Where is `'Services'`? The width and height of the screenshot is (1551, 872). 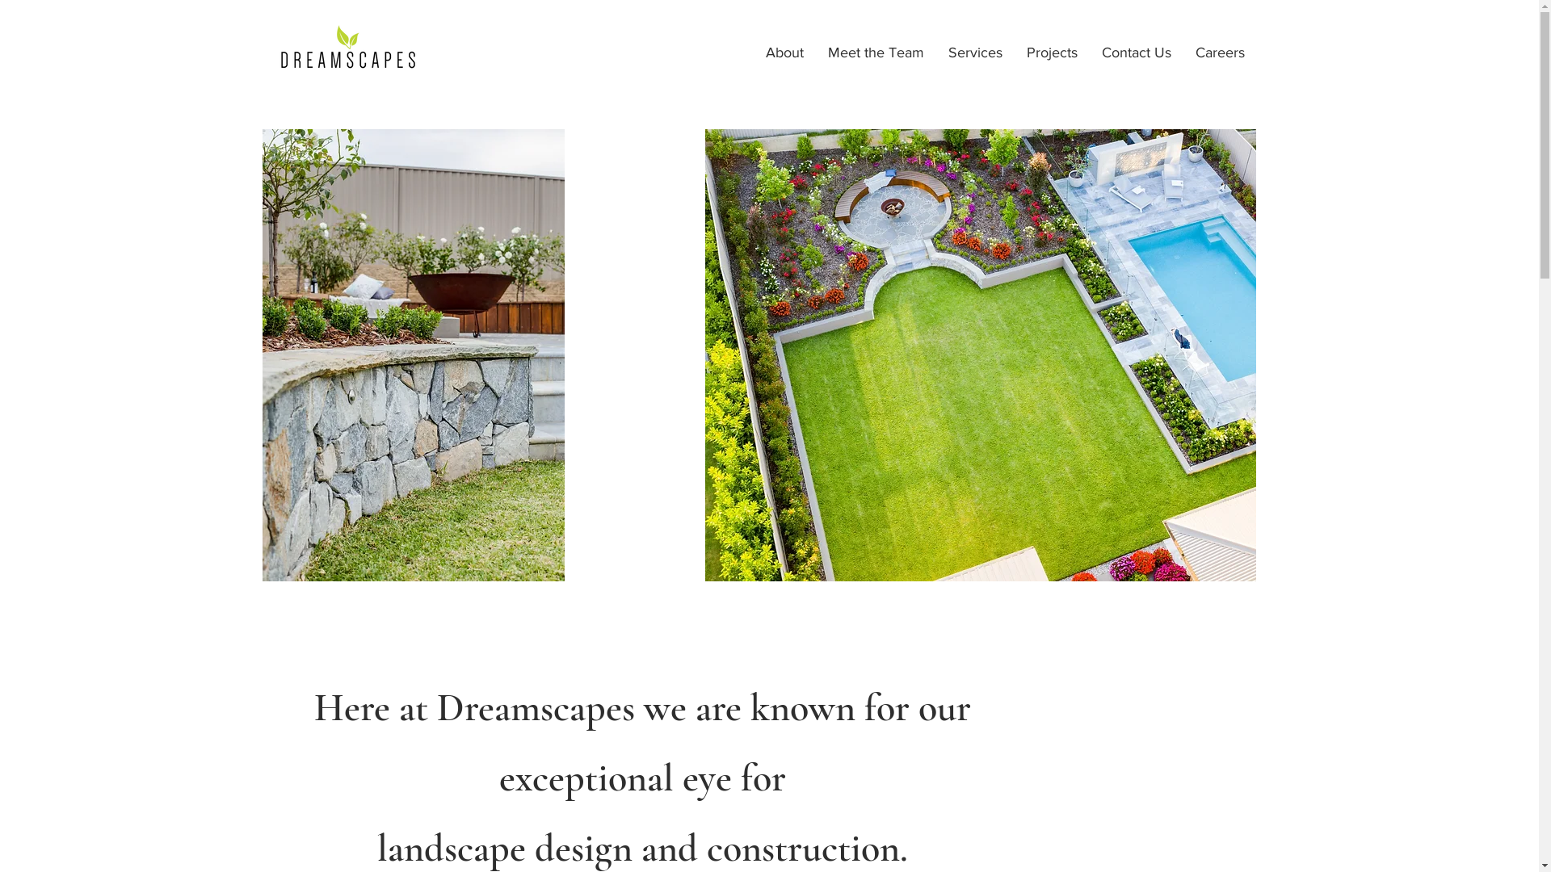 'Services' is located at coordinates (973, 52).